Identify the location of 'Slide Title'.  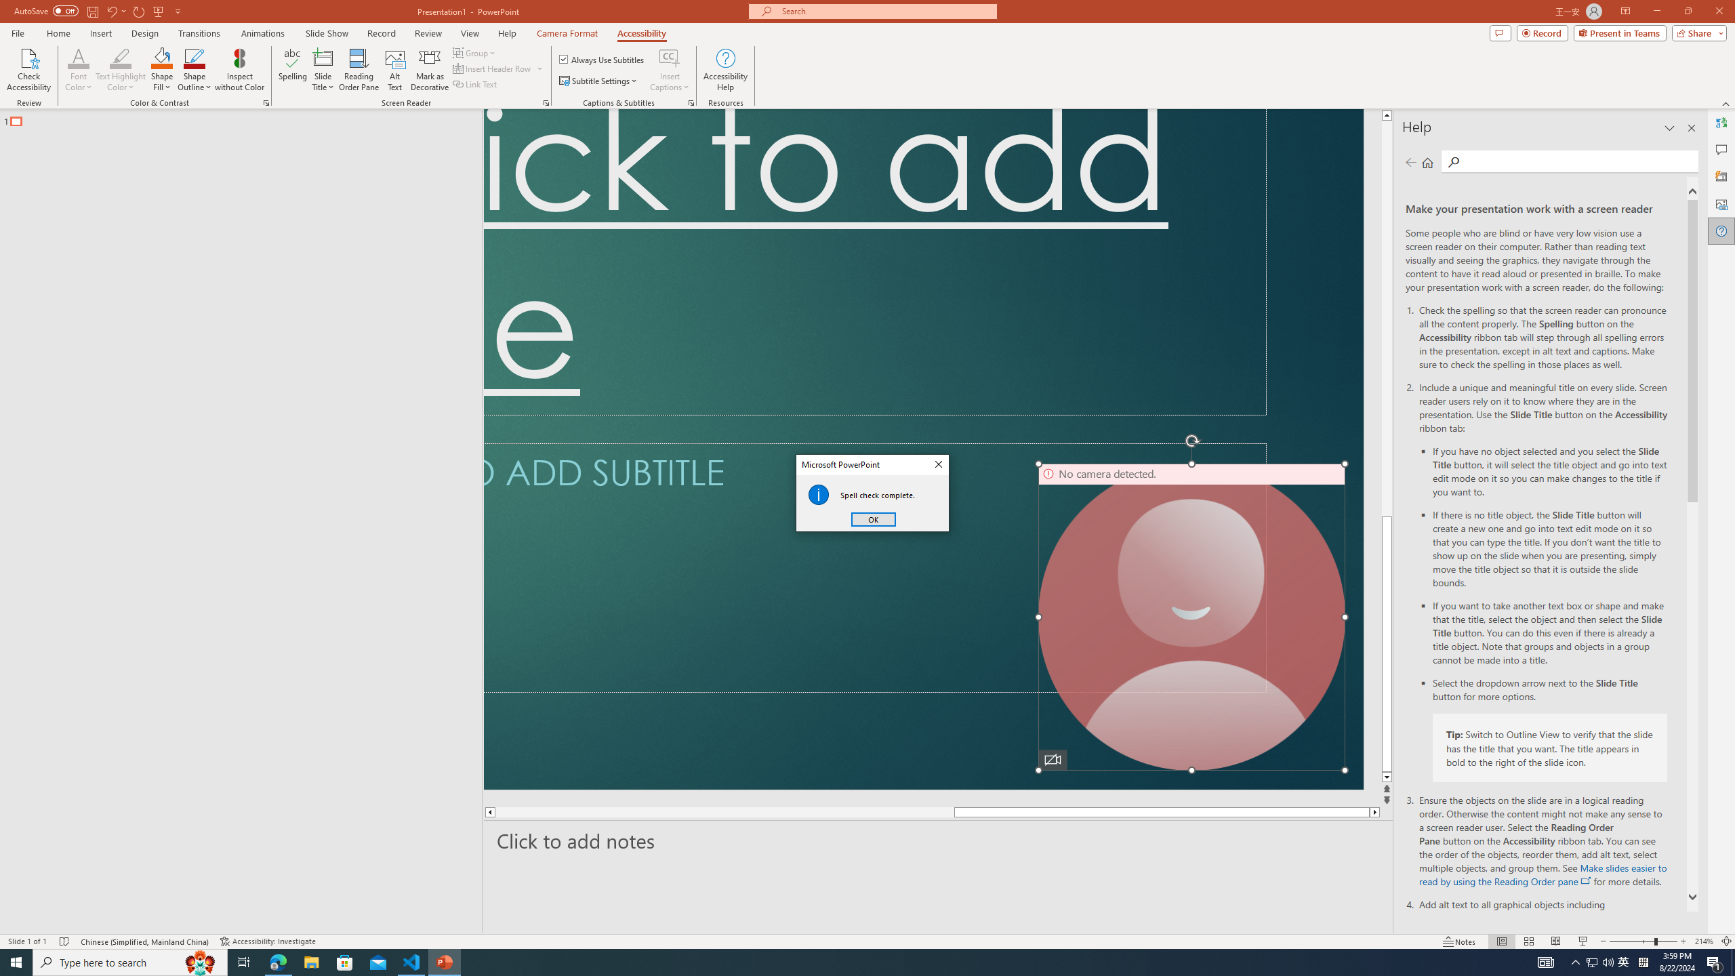
(323, 70).